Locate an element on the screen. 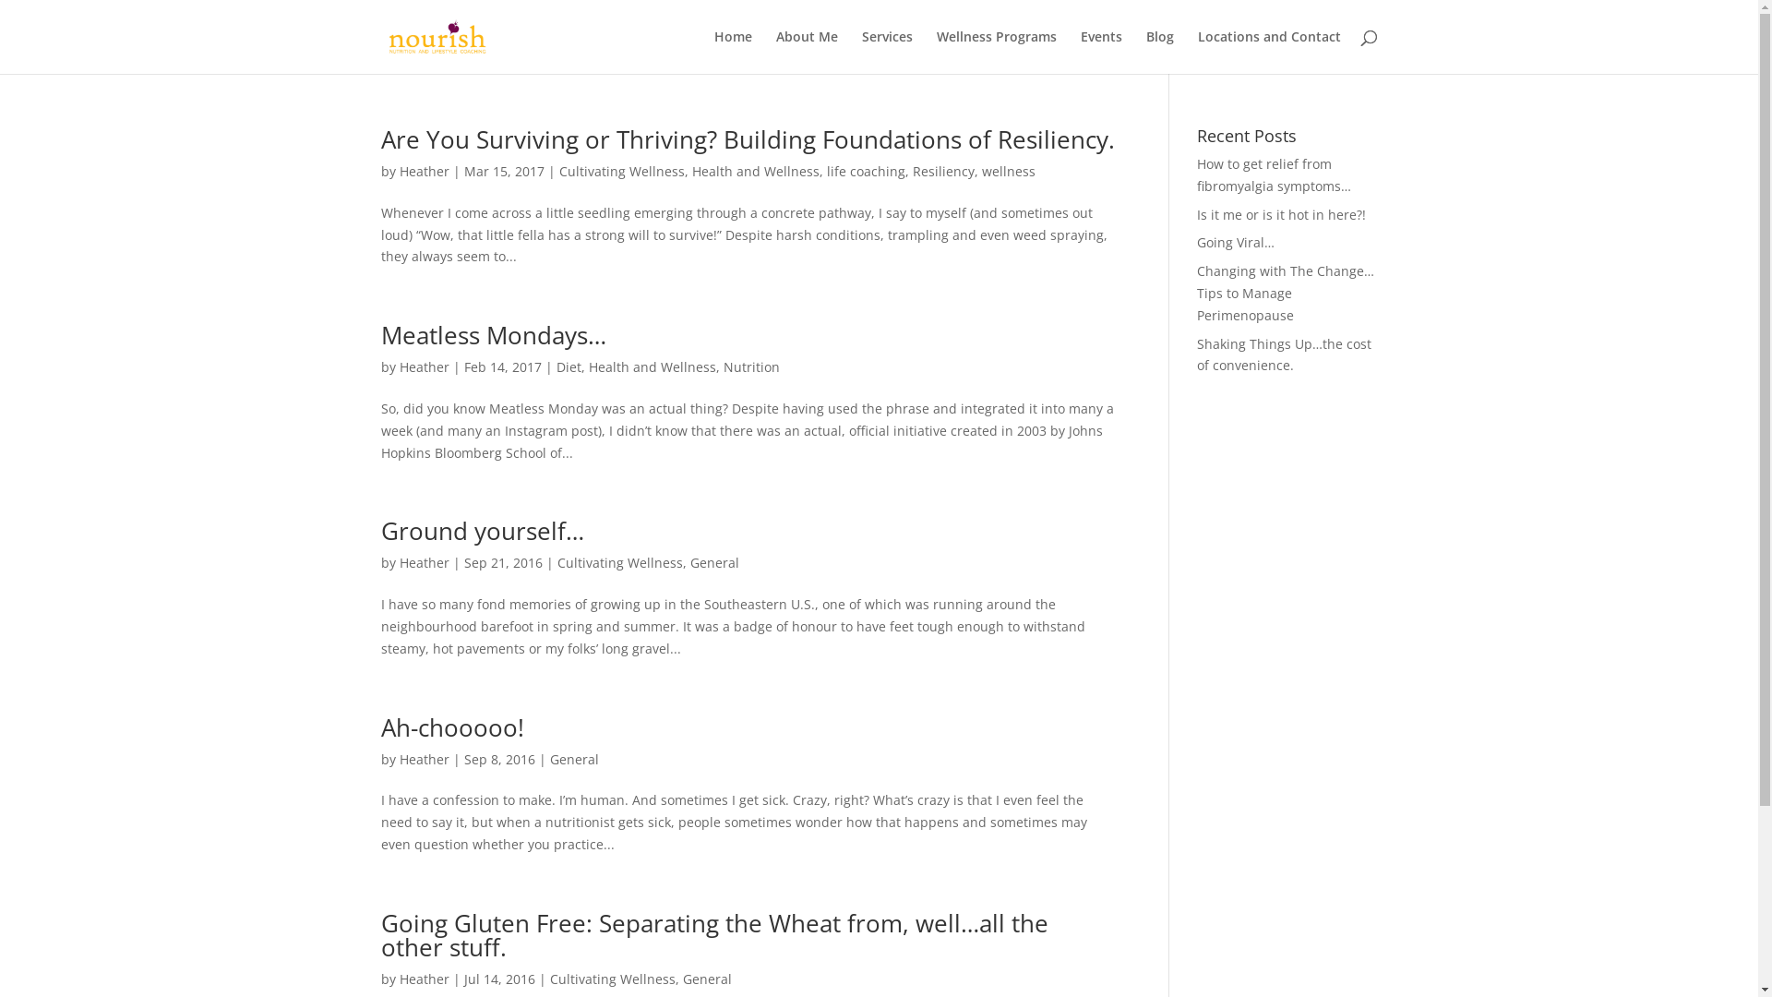 The height and width of the screenshot is (997, 1772). 'Events' is located at coordinates (1100, 51).